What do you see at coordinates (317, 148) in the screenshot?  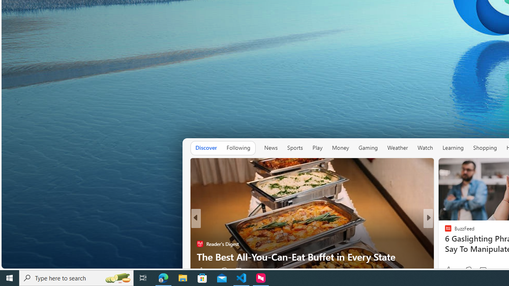 I see `'Play'` at bounding box center [317, 148].